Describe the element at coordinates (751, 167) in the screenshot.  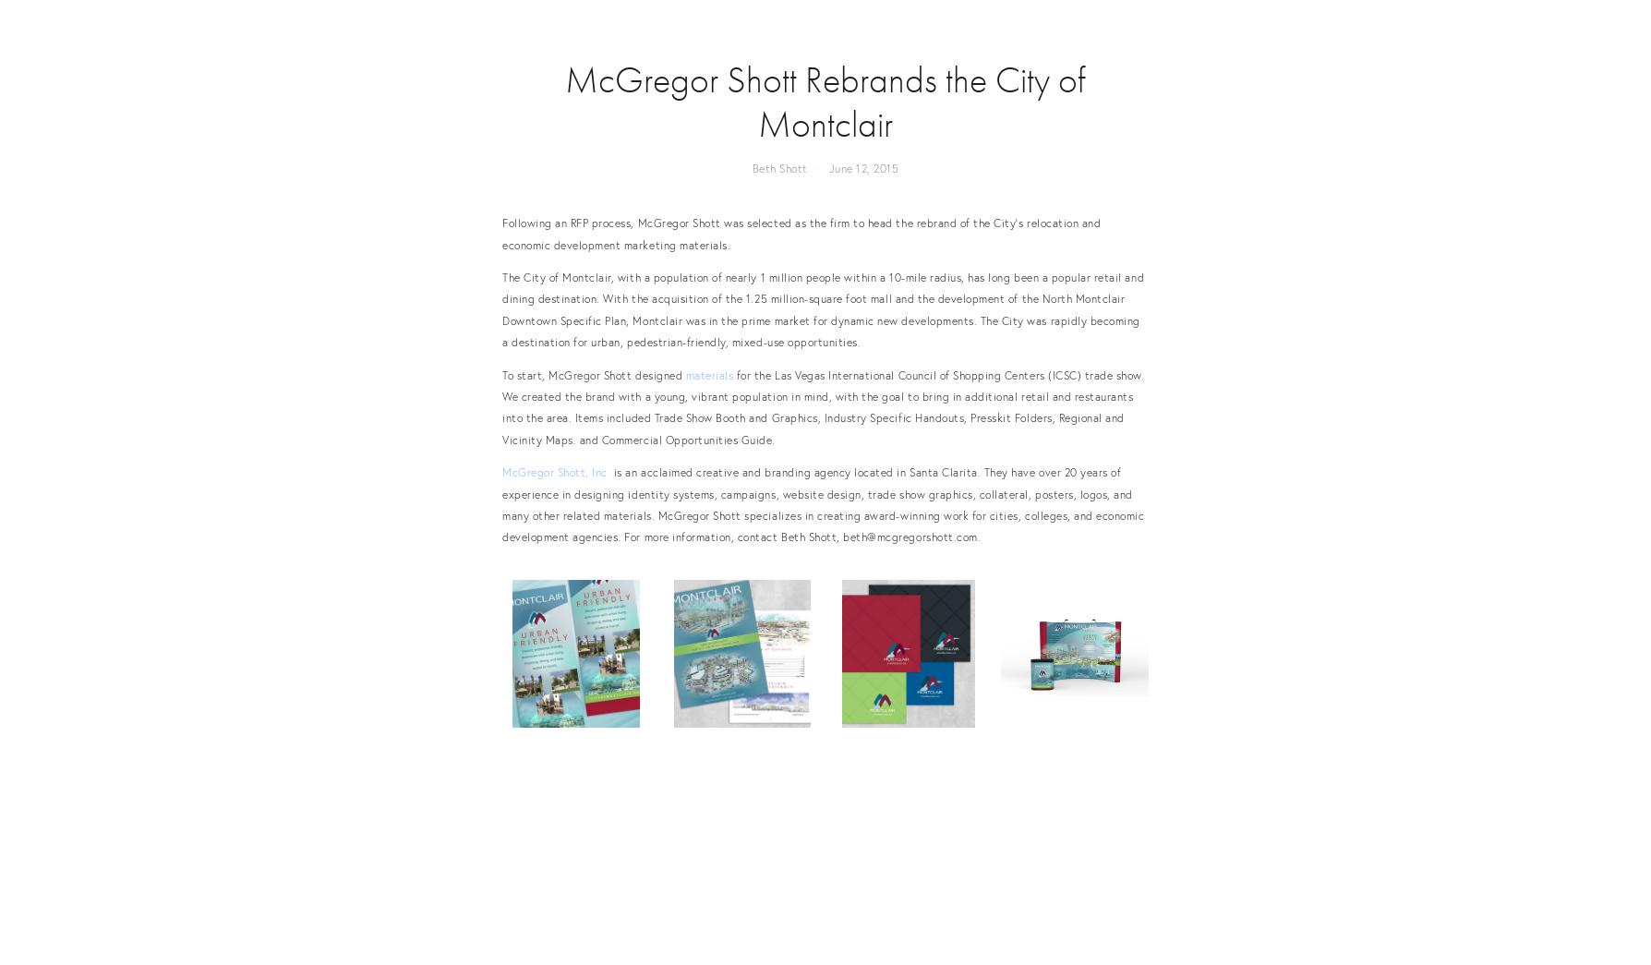
I see `'Beth Shott'` at that location.